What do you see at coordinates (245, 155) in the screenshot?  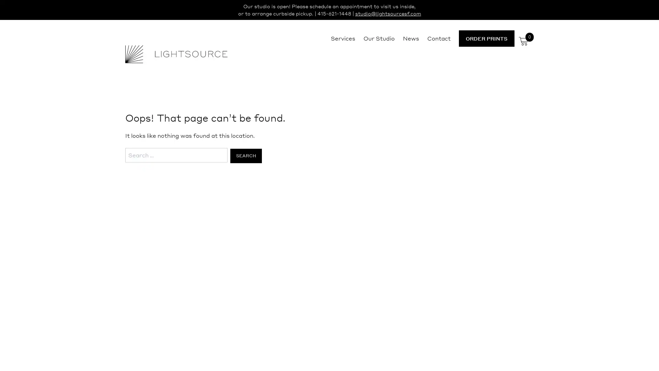 I see `Search` at bounding box center [245, 155].